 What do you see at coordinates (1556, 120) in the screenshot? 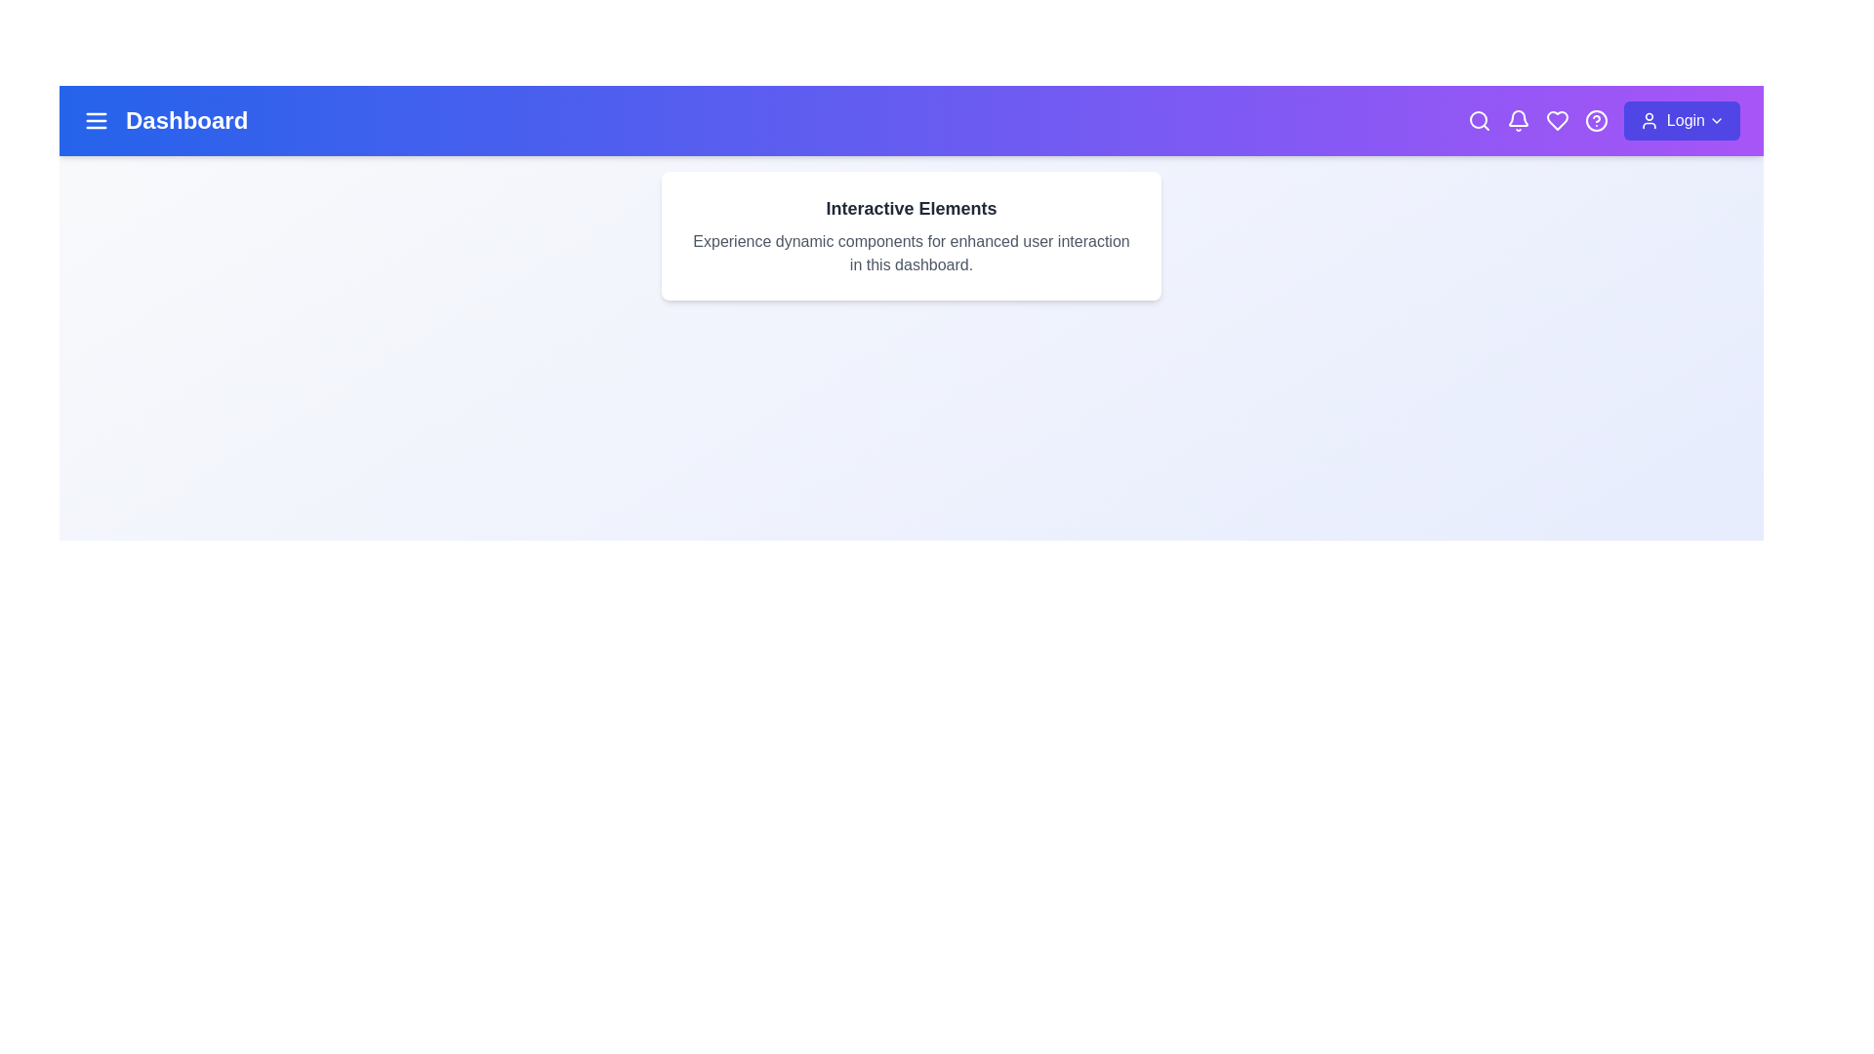
I see `the heart icon to mark it as a favorite` at bounding box center [1556, 120].